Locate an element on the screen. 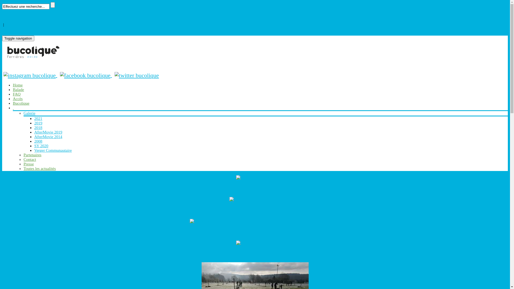  'After Movie 2014' is located at coordinates (255, 253).